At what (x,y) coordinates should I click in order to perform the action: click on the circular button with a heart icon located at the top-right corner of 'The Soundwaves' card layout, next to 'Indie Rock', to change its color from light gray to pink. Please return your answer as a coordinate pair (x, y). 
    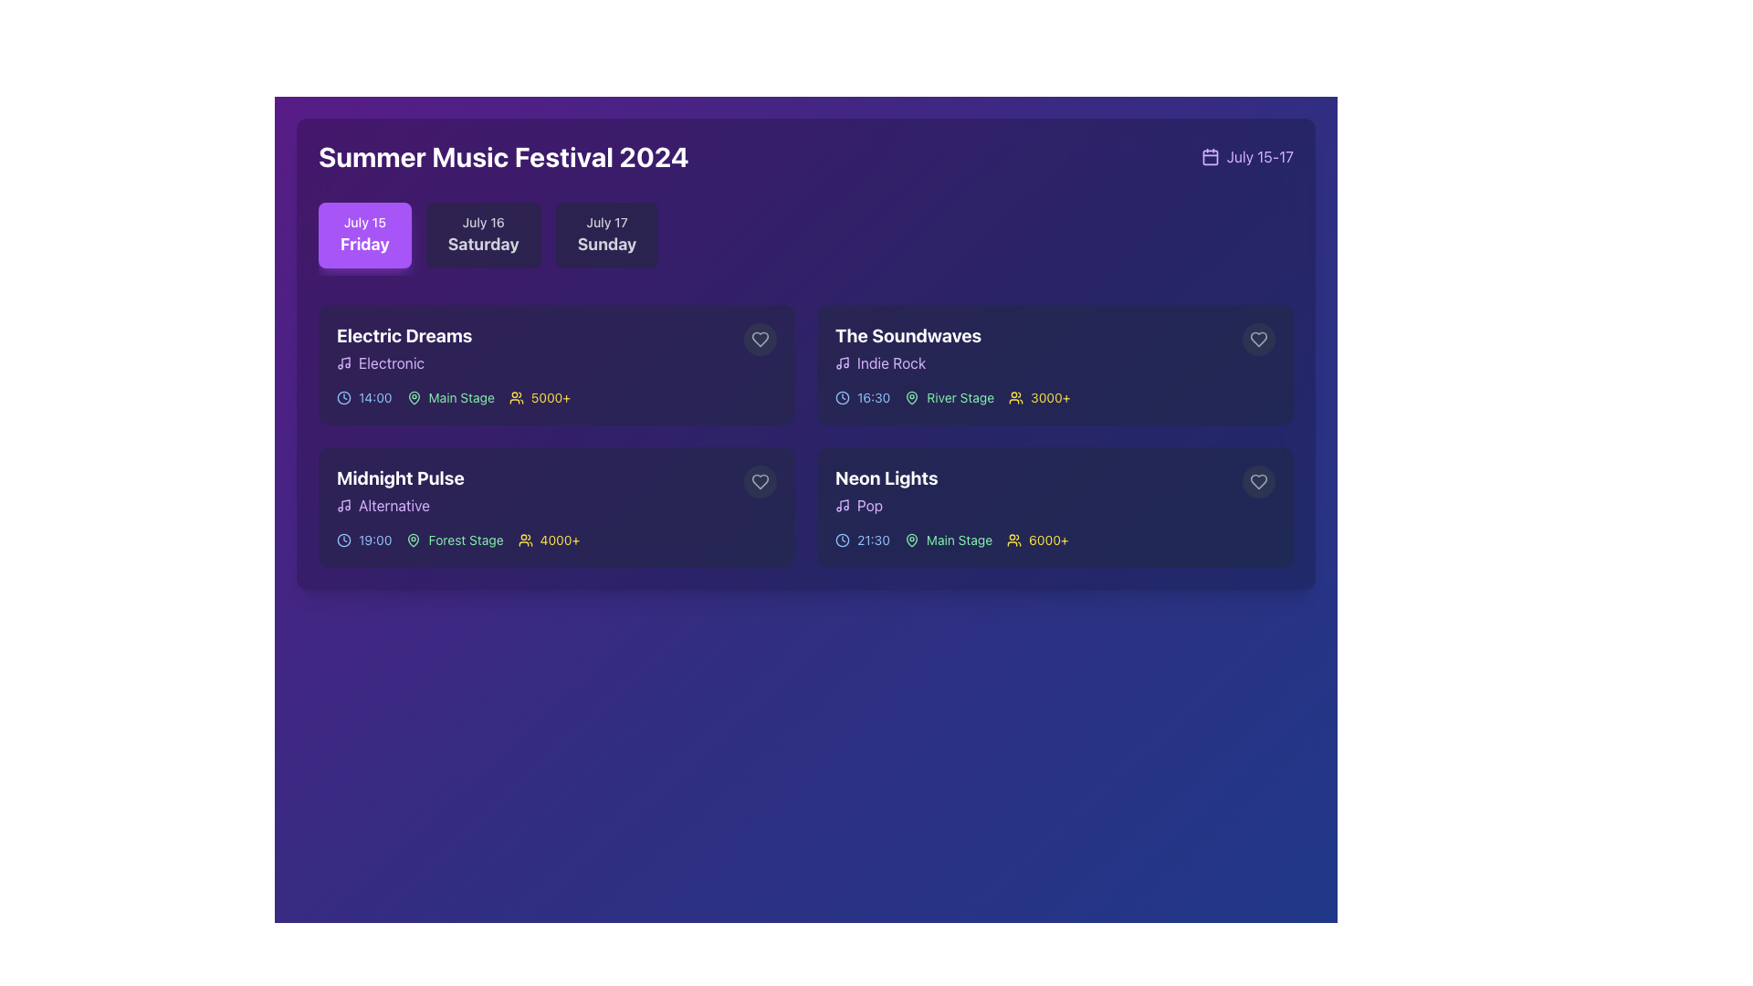
    Looking at the image, I should click on (1257, 339).